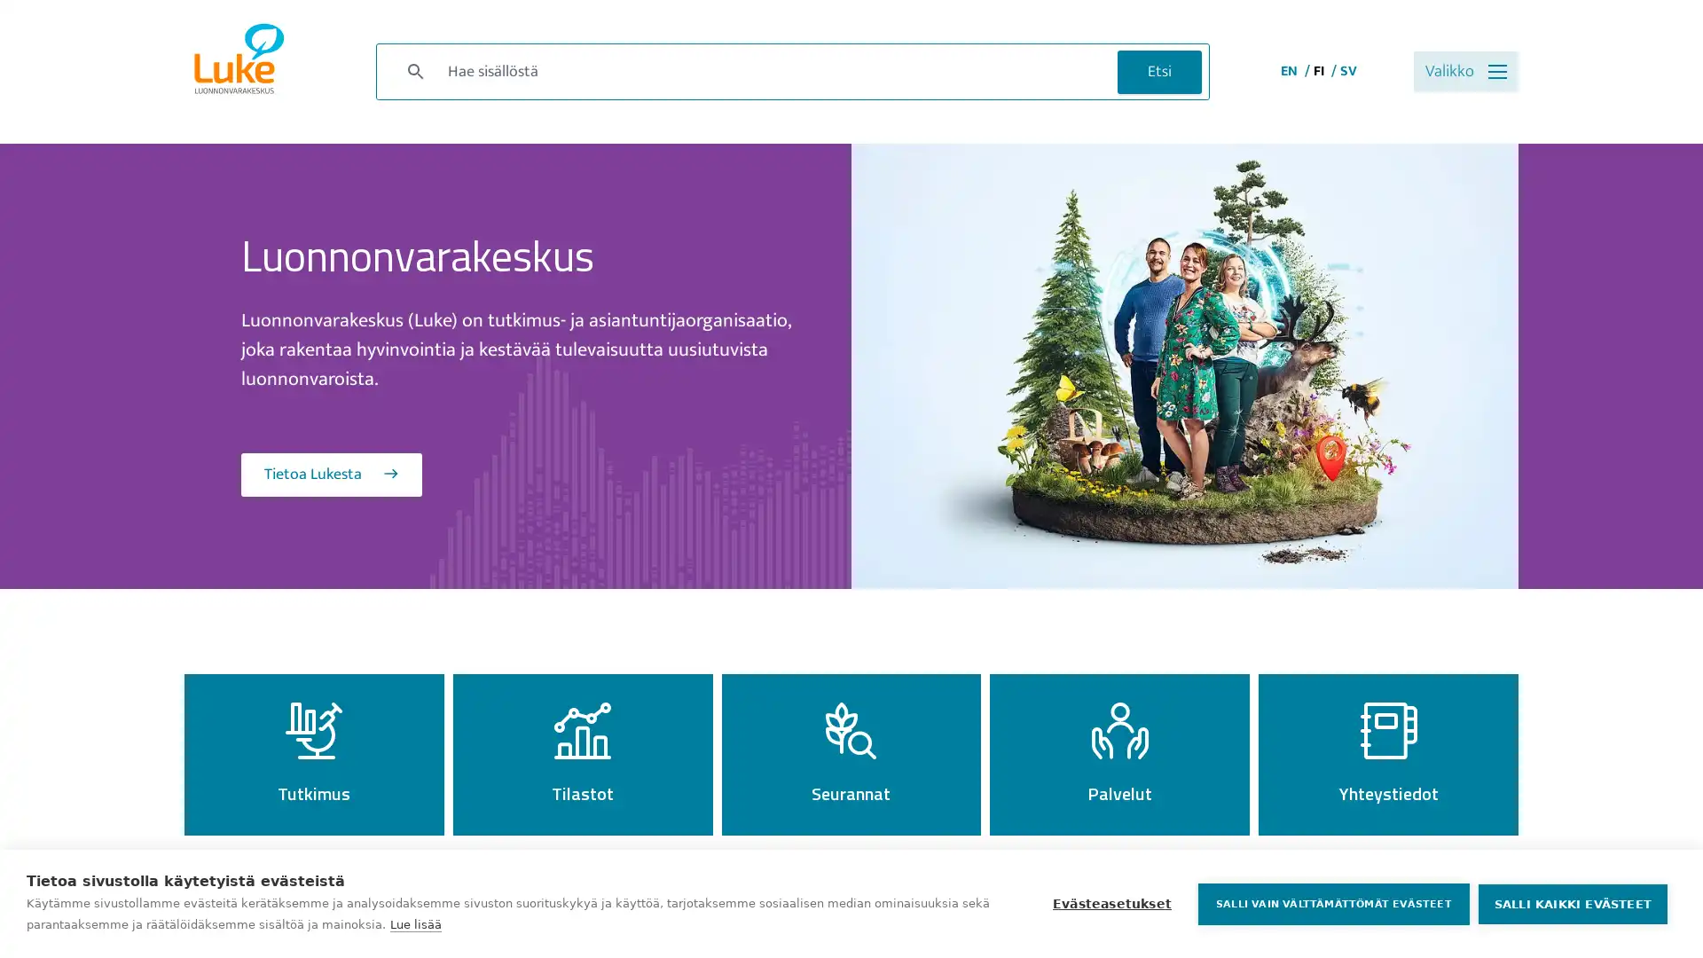 This screenshot has height=958, width=1703. Describe the element at coordinates (1430, 71) in the screenshot. I see `Valikko` at that location.